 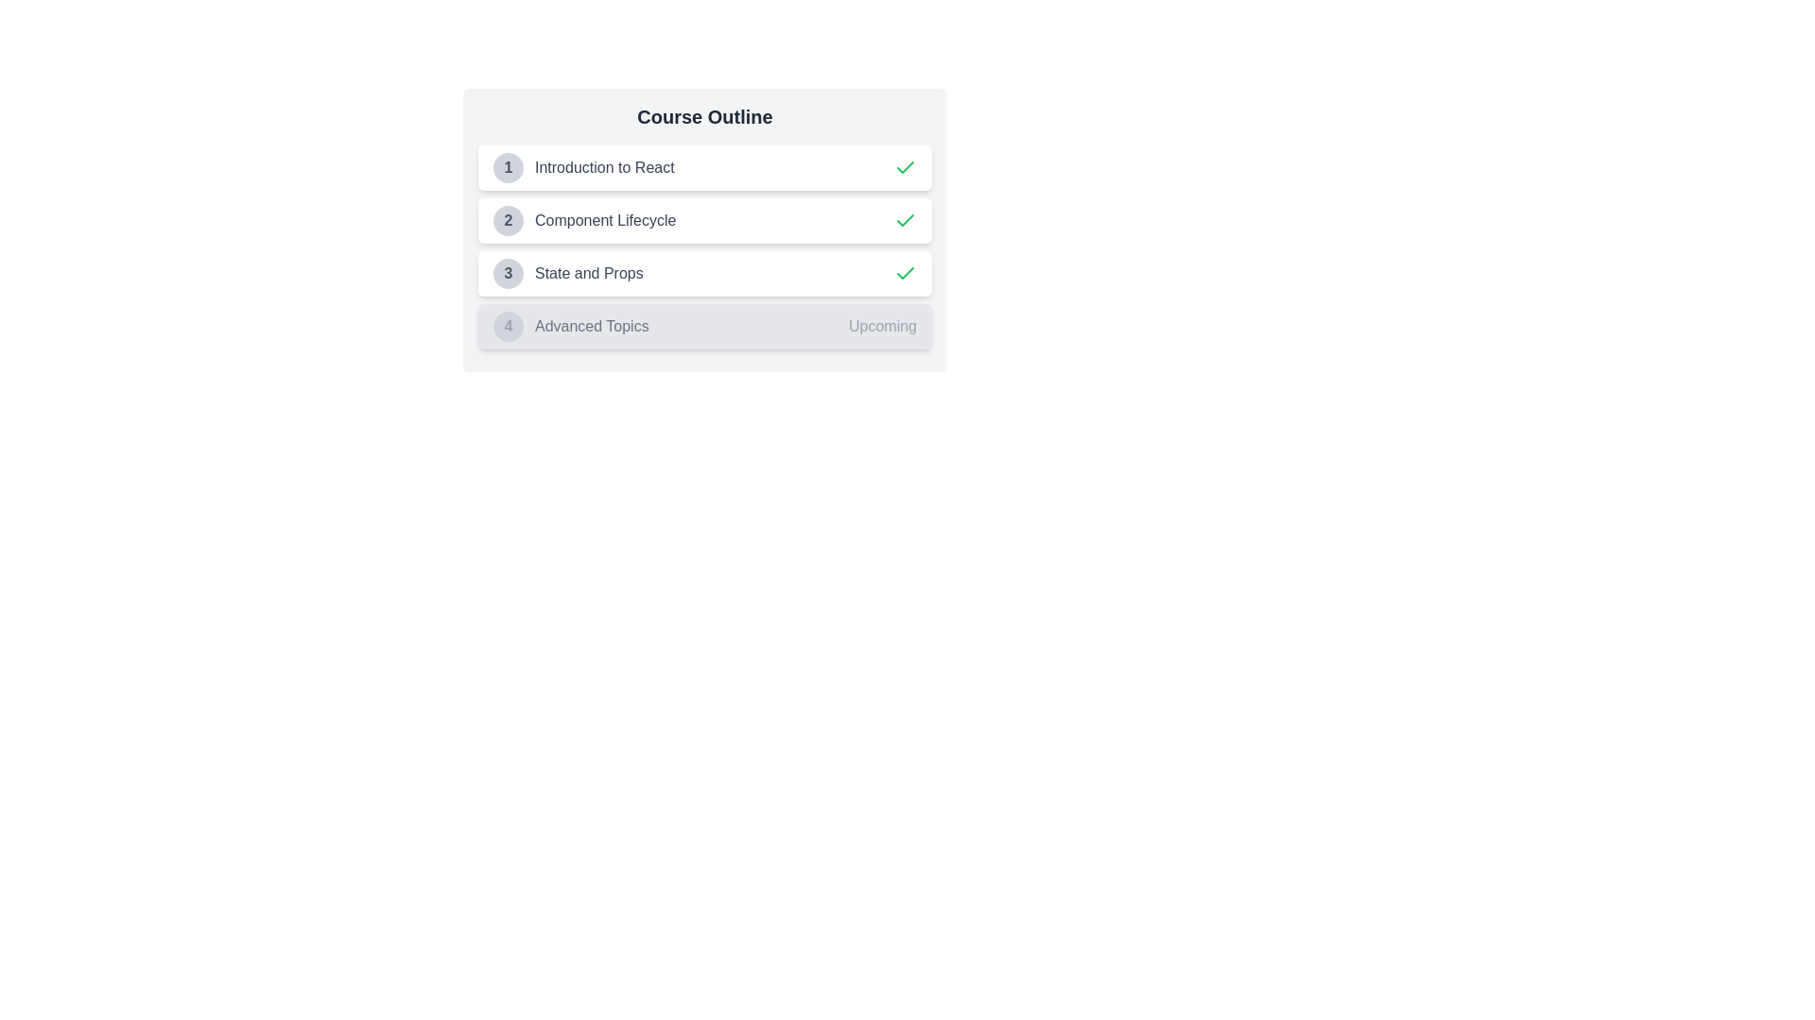 I want to click on to select or highlight the fourth item in the course outline list, which displays a specific topic's title and status indicator, so click(x=703, y=326).